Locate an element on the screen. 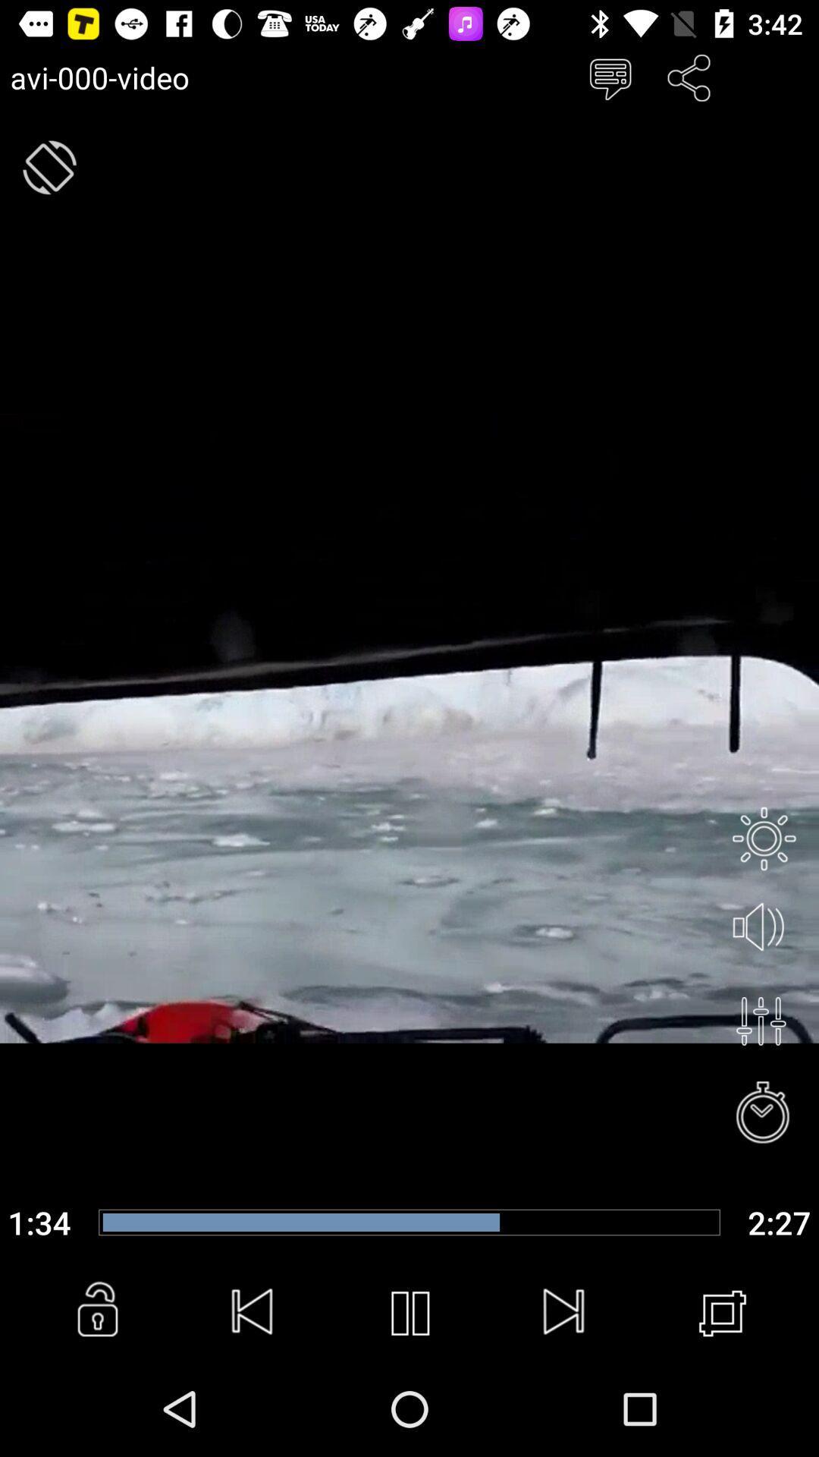  clock option is located at coordinates (764, 1114).